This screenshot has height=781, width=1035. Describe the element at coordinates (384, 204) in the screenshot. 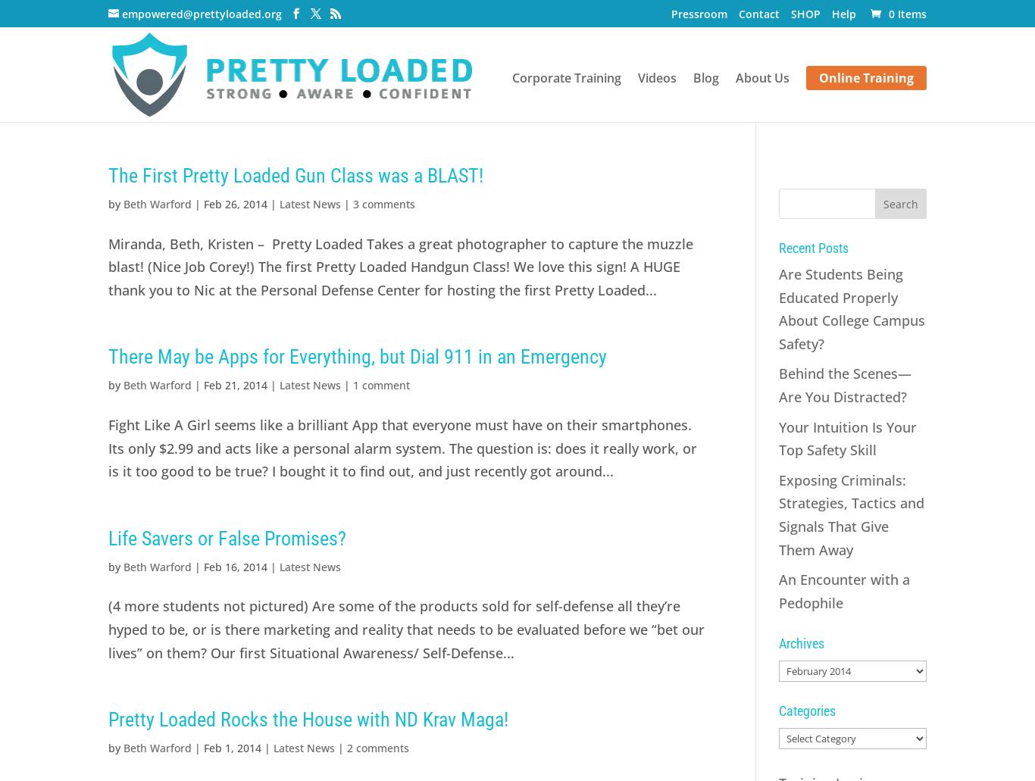

I see `'3 comments'` at that location.